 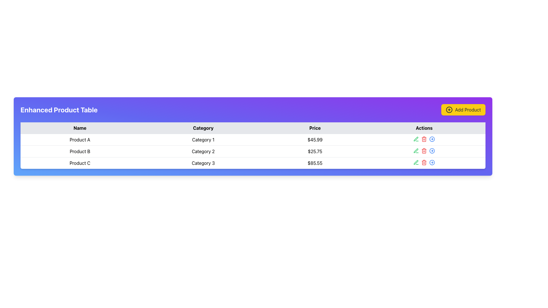 I want to click on the 'Name' column header cell in the data table, which is the first column header aligned to the left, so click(x=80, y=128).